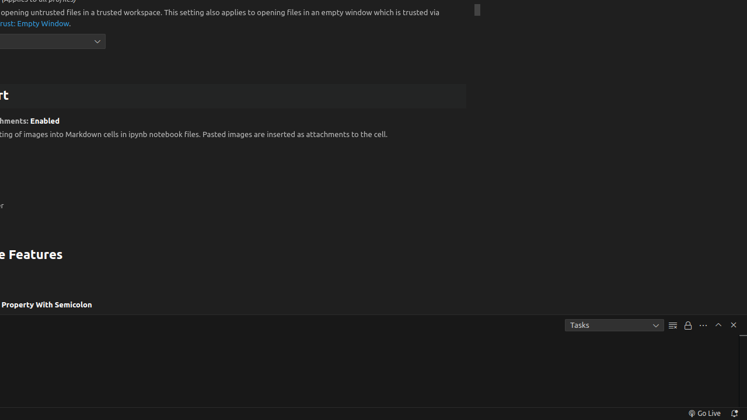 The height and width of the screenshot is (420, 747). I want to click on 'Views and More Actions...', so click(702, 325).